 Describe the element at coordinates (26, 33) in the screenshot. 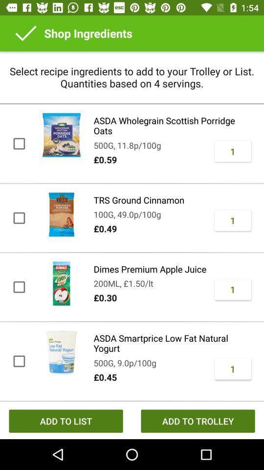

I see `icon to the left of shop ingredients` at that location.